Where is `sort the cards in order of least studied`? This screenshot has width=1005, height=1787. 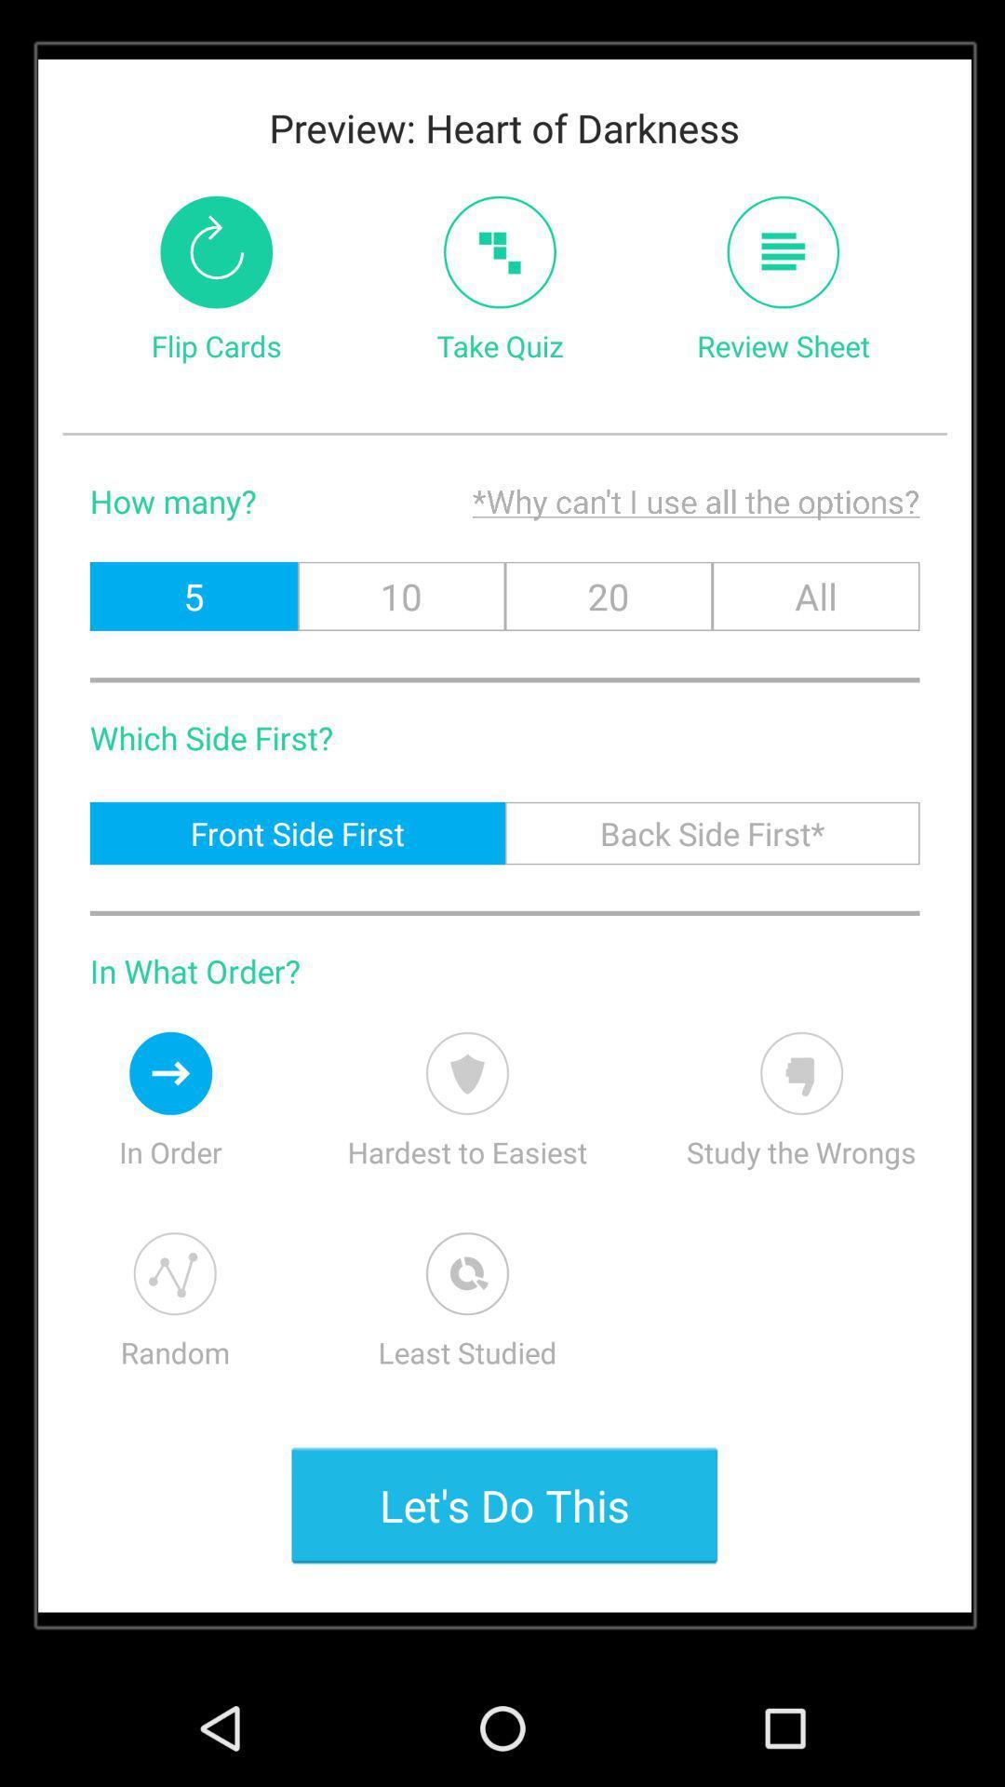
sort the cards in order of least studied is located at coordinates (466, 1272).